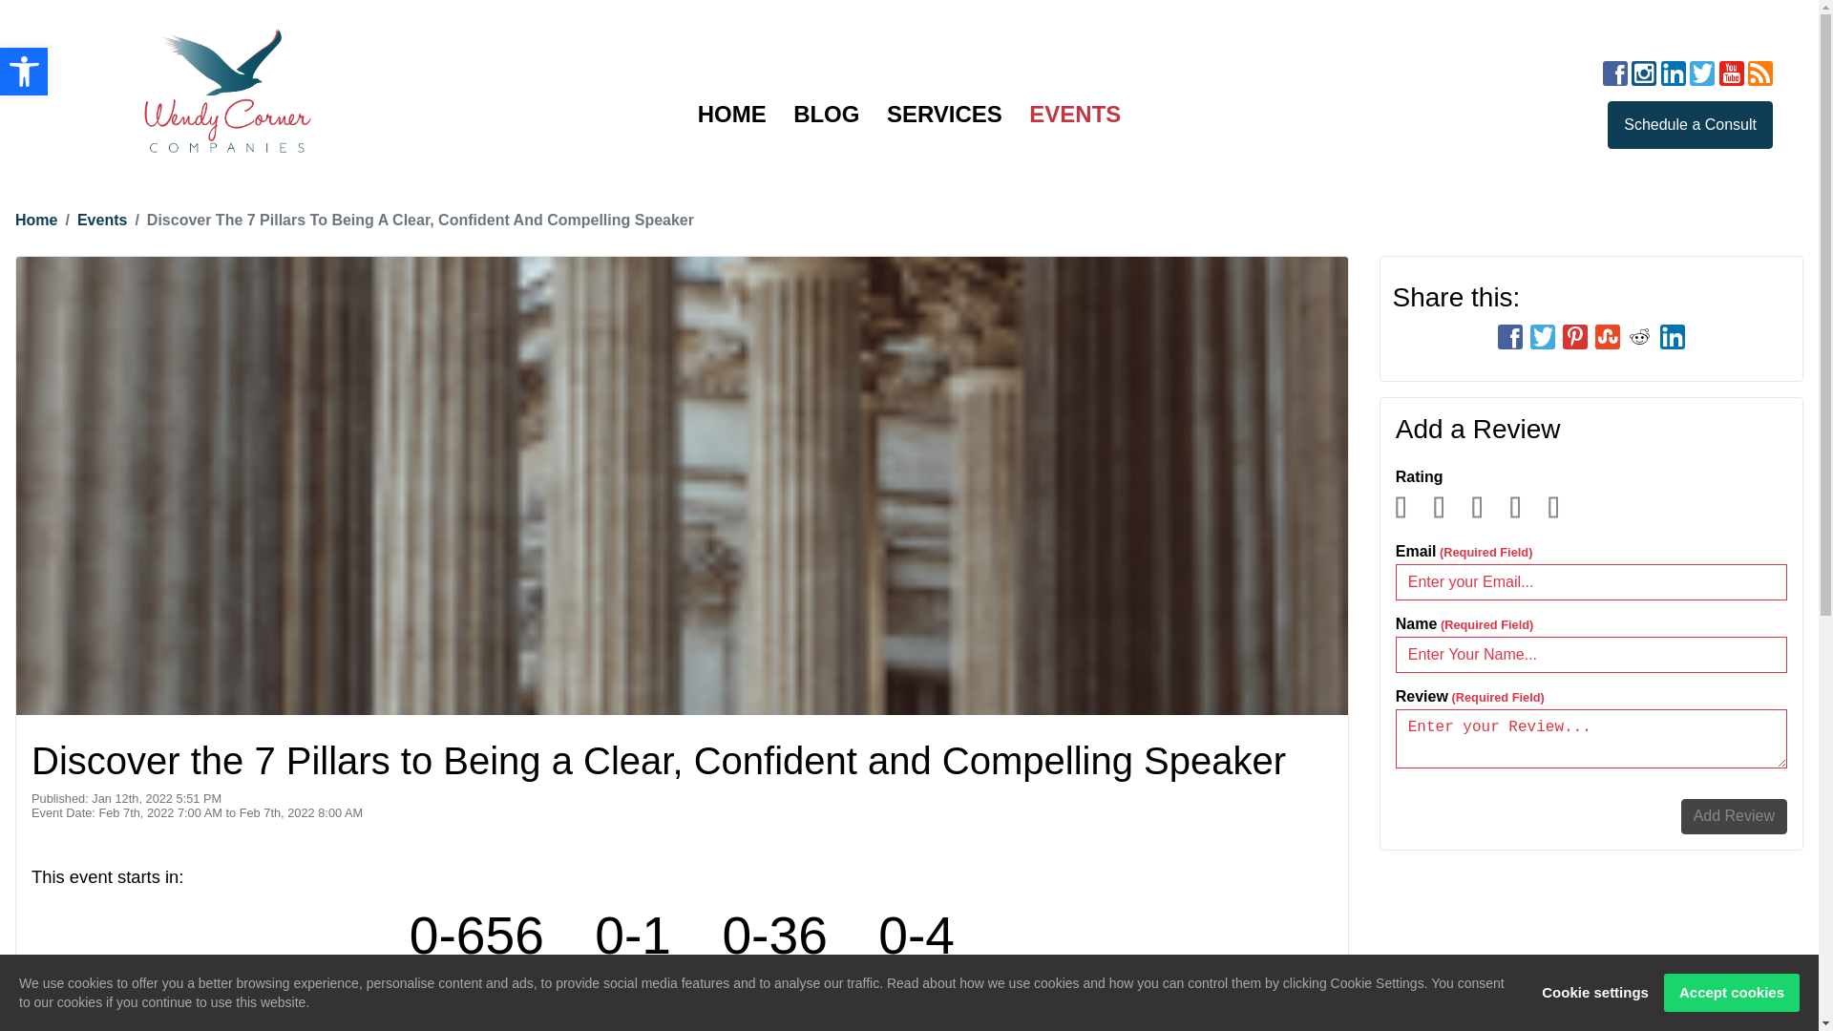 This screenshot has width=1833, height=1031. Describe the element at coordinates (1575, 327) in the screenshot. I see `'social-pinterest'` at that location.